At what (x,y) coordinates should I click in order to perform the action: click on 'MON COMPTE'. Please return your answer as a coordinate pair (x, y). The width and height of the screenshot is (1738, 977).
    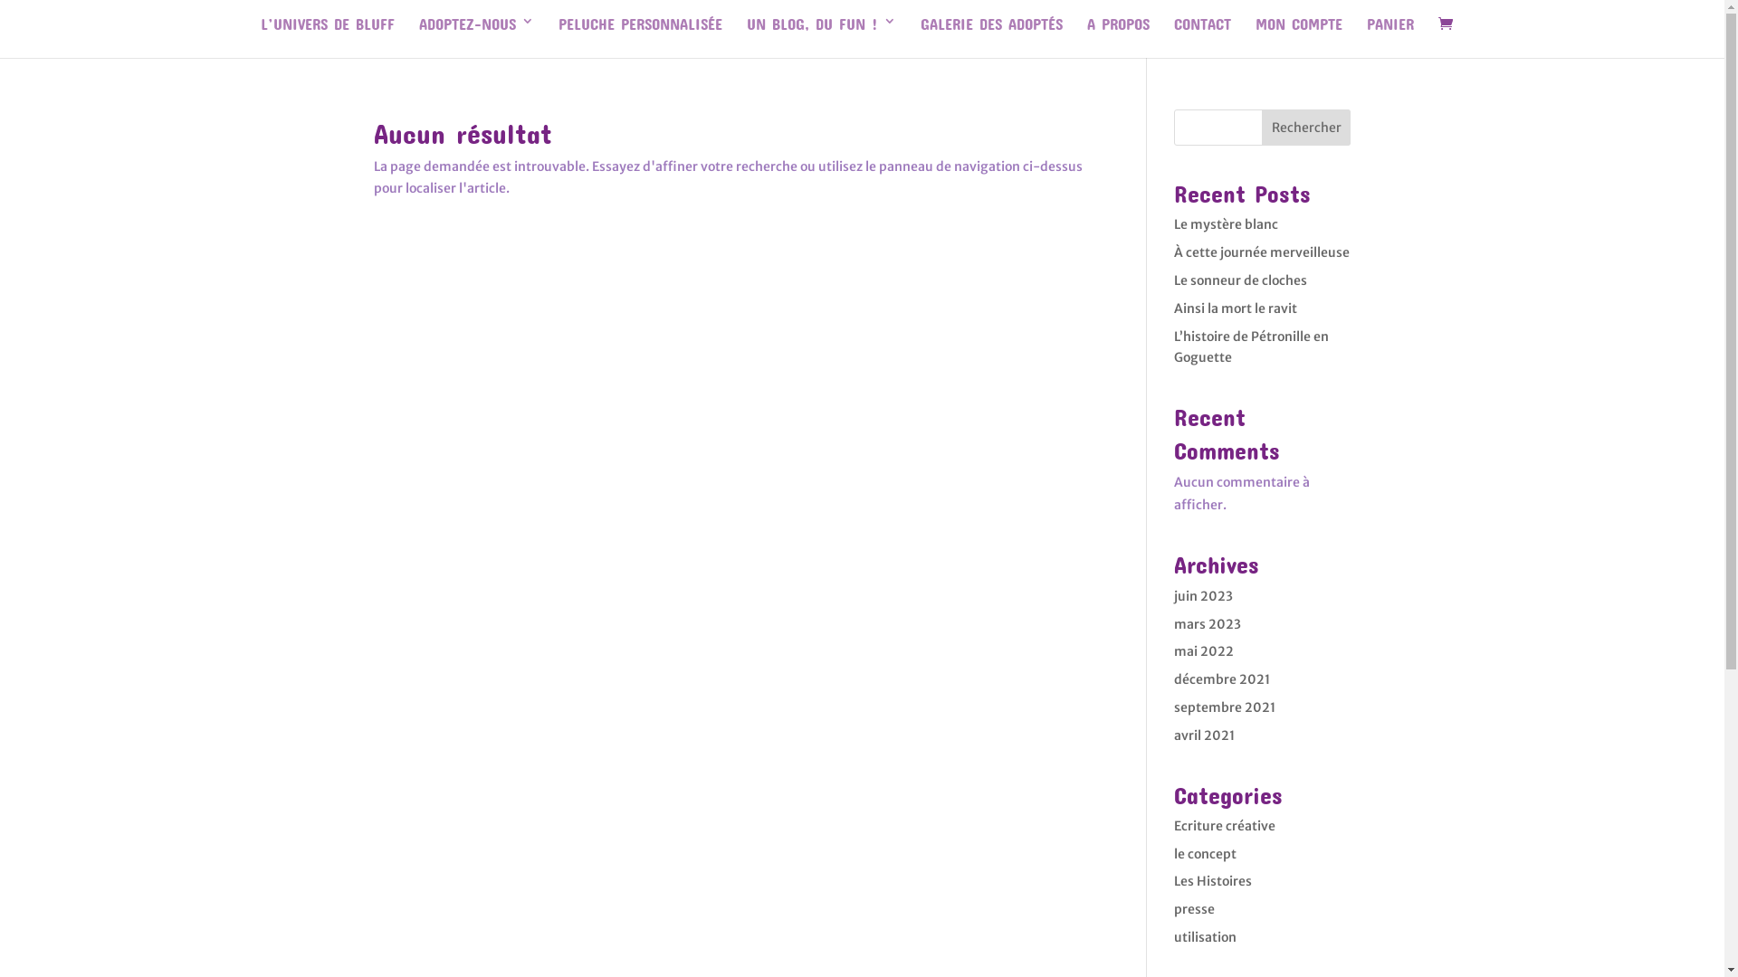
    Looking at the image, I should click on (1255, 35).